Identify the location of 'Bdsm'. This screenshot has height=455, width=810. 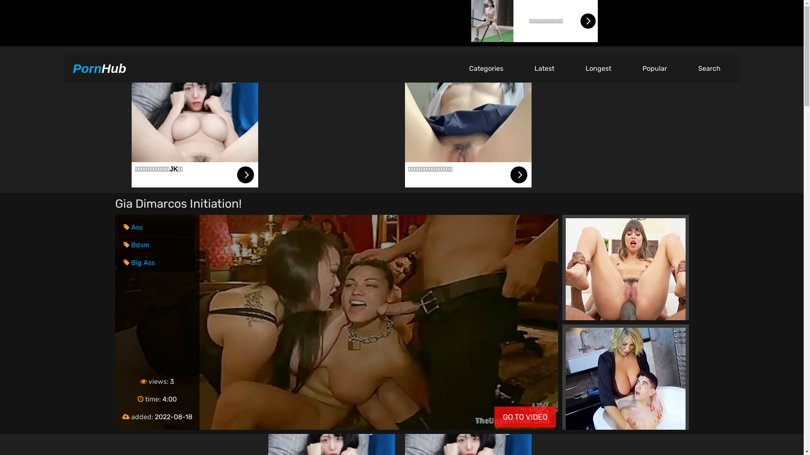
(136, 245).